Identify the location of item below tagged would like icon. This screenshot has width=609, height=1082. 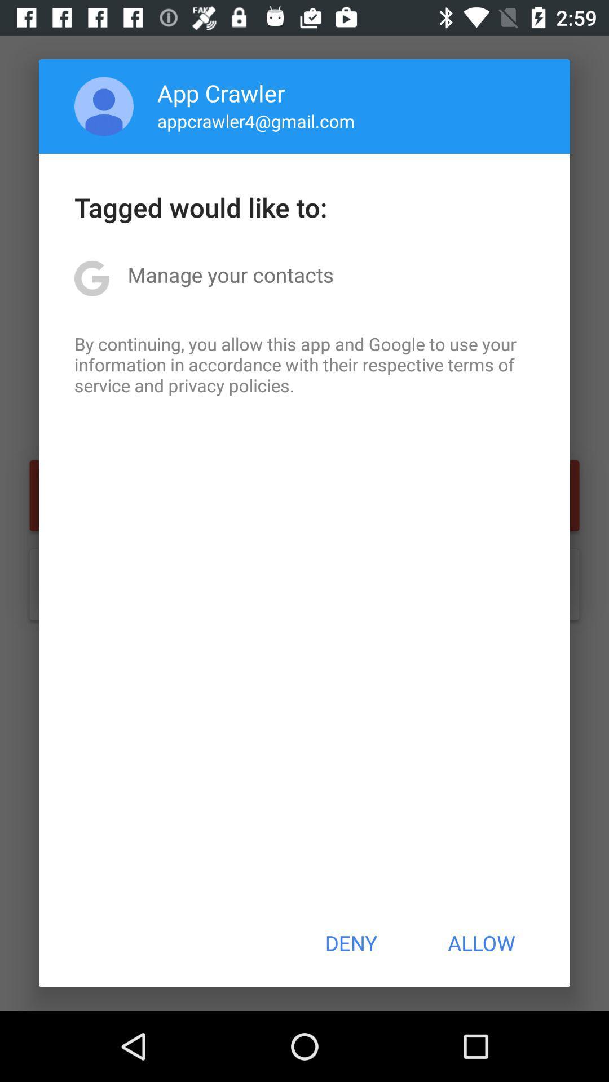
(230, 274).